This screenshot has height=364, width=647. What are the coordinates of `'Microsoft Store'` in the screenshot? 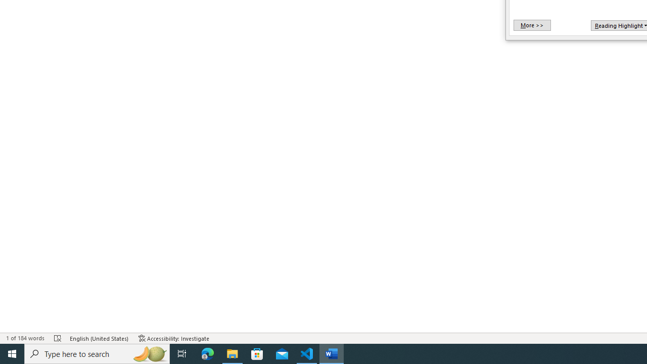 It's located at (257, 353).